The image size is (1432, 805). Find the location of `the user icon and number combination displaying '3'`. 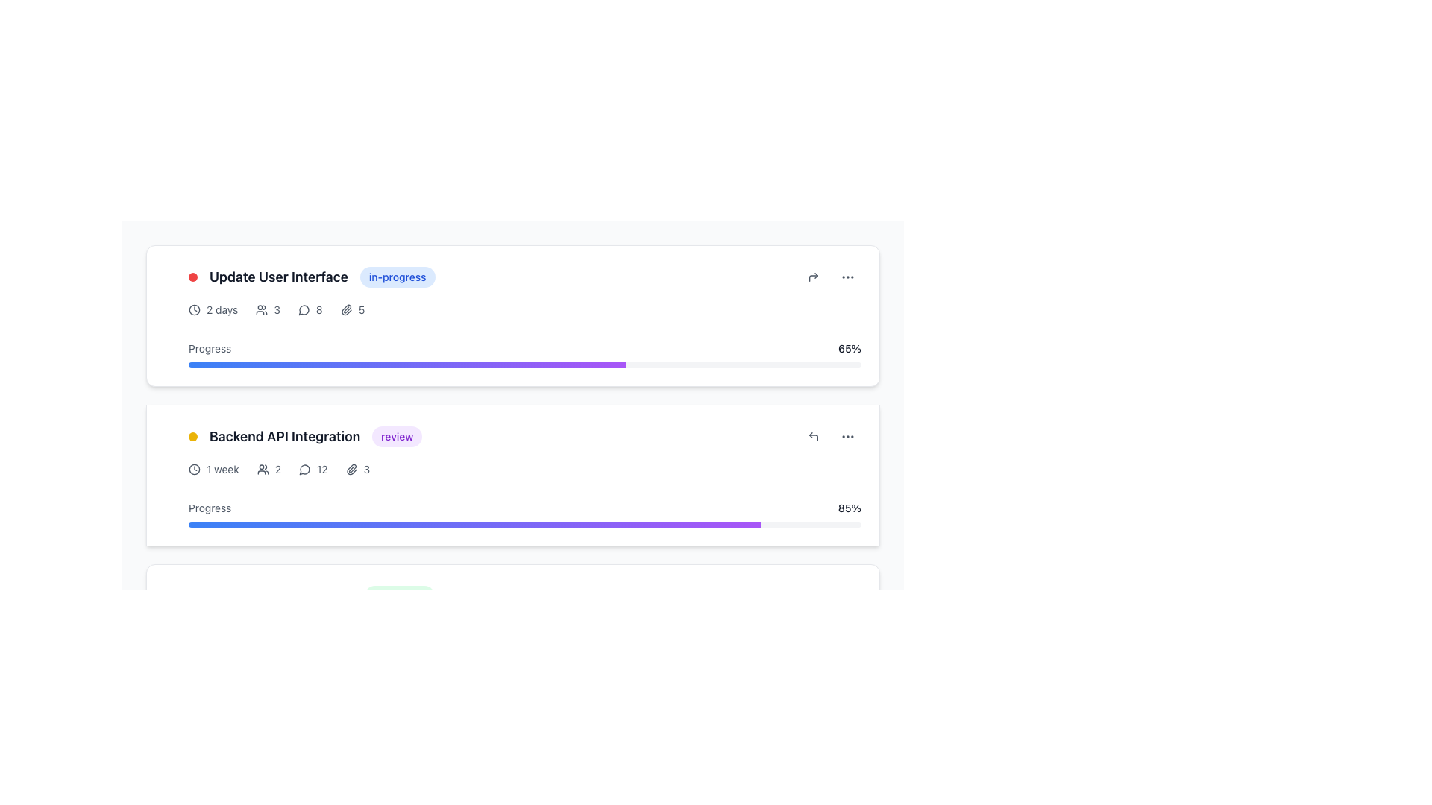

the user icon and number combination displaying '3' is located at coordinates (268, 309).